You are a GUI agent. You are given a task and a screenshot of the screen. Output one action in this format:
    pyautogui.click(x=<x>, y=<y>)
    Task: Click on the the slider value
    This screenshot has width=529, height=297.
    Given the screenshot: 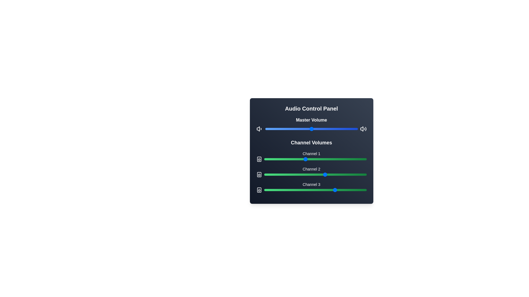 What is the action you would take?
    pyautogui.click(x=289, y=175)
    